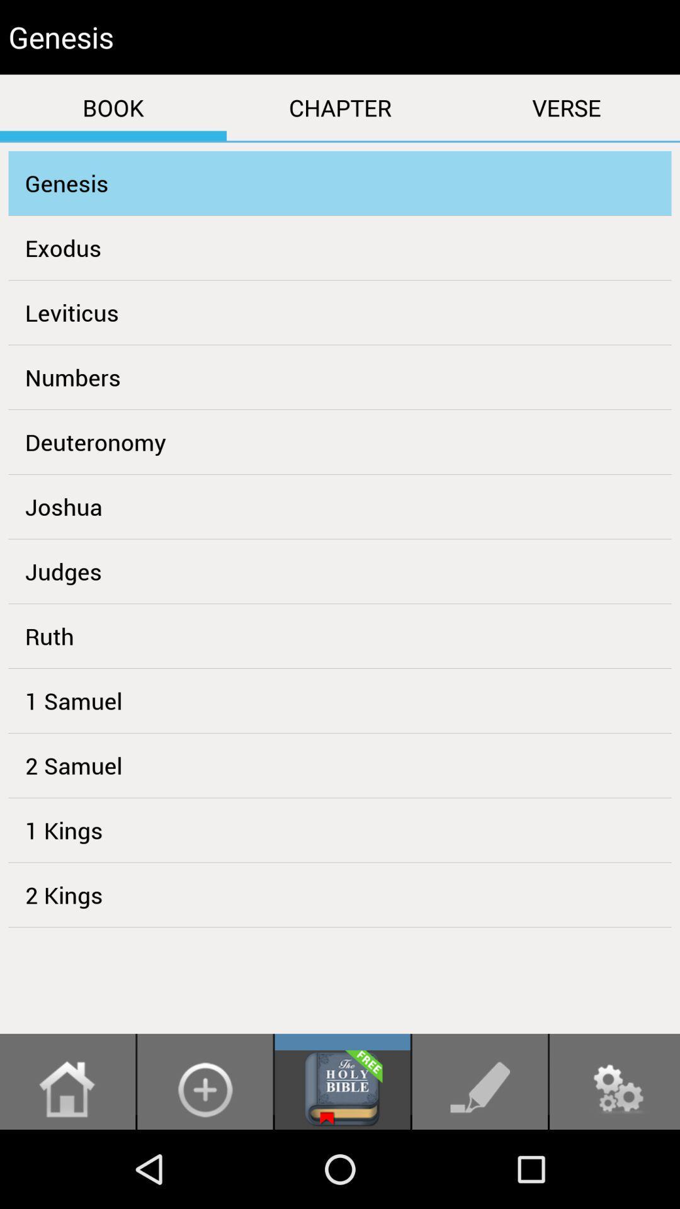  Describe the element at coordinates (480, 1166) in the screenshot. I see `the edit icon` at that location.